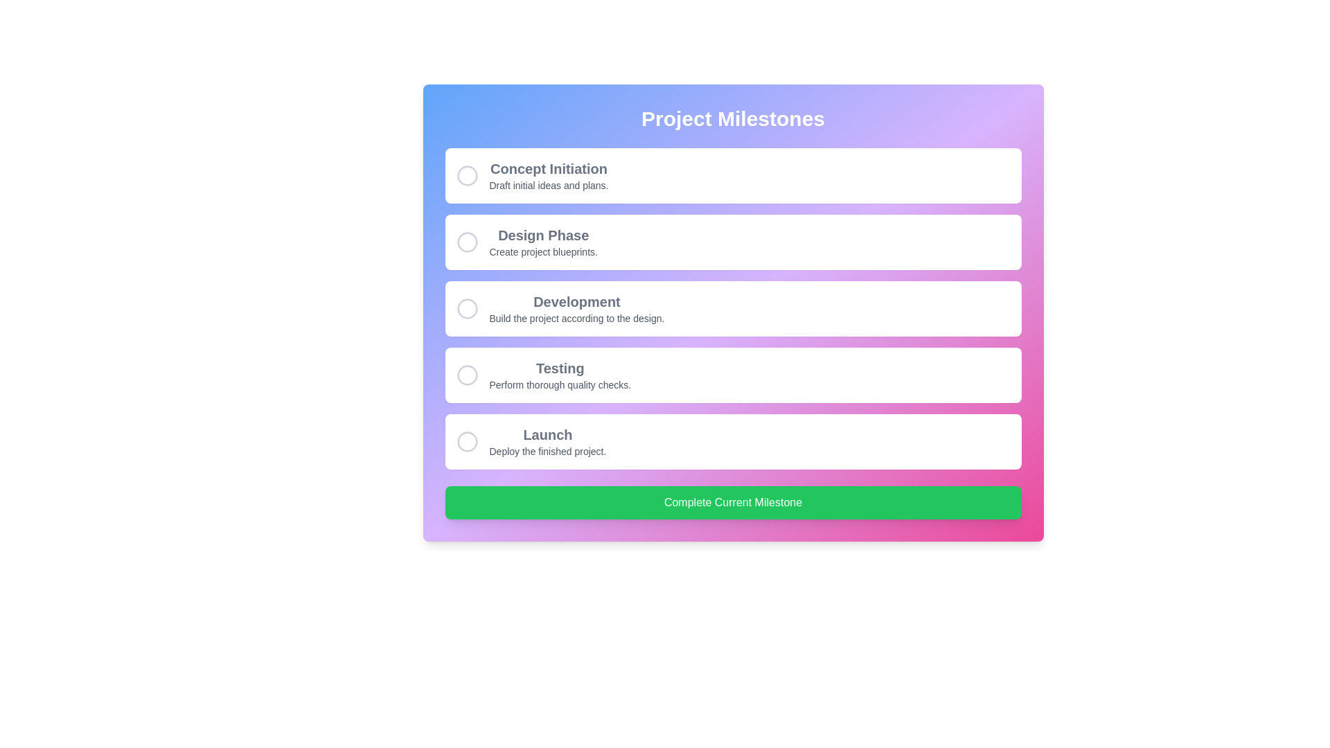  Describe the element at coordinates (547, 451) in the screenshot. I see `the text label displaying 'Deploy the finished project.' which is located below the 'Launch' heading within the 'Project Milestones' interface` at that location.